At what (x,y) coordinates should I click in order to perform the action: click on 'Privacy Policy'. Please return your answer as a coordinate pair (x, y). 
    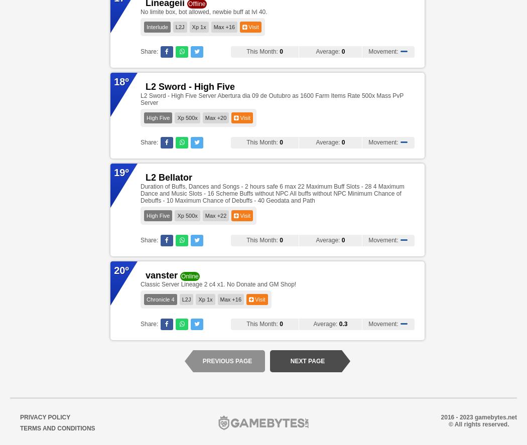
    Looking at the image, I should click on (45, 417).